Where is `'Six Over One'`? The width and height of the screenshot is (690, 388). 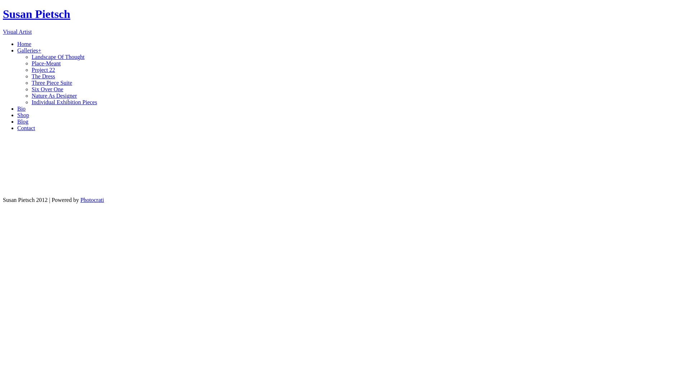 'Six Over One' is located at coordinates (47, 89).